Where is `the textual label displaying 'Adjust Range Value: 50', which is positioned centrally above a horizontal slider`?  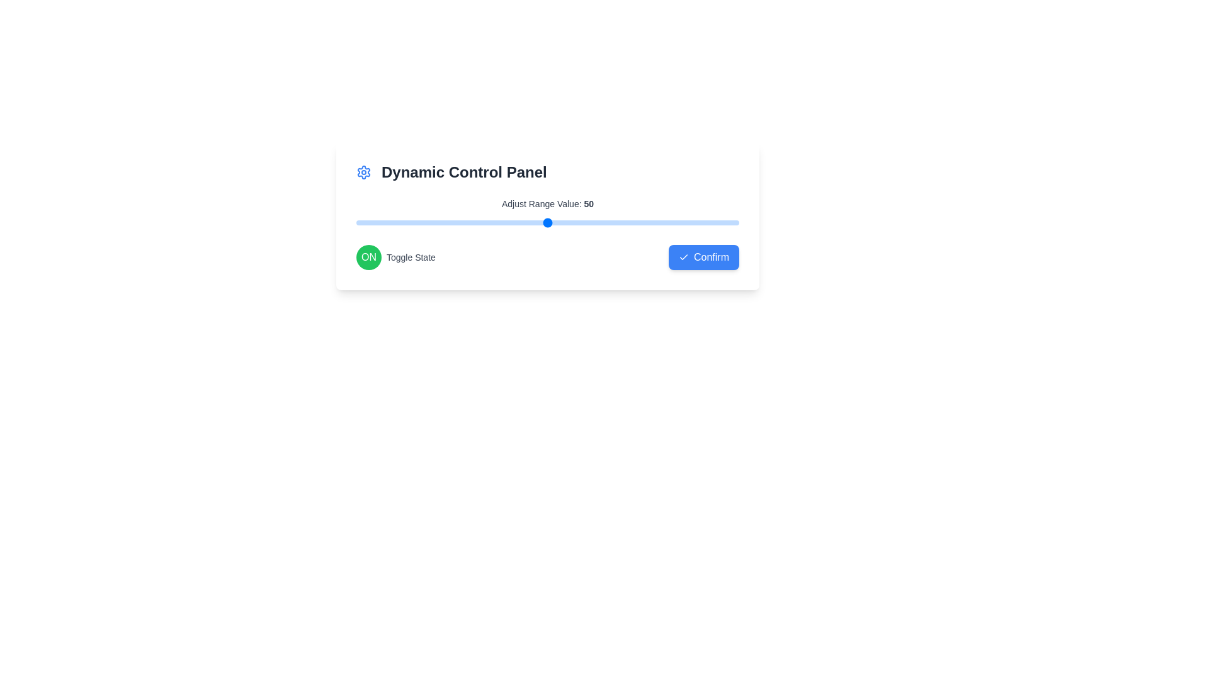
the textual label displaying 'Adjust Range Value: 50', which is positioned centrally above a horizontal slider is located at coordinates (547, 203).